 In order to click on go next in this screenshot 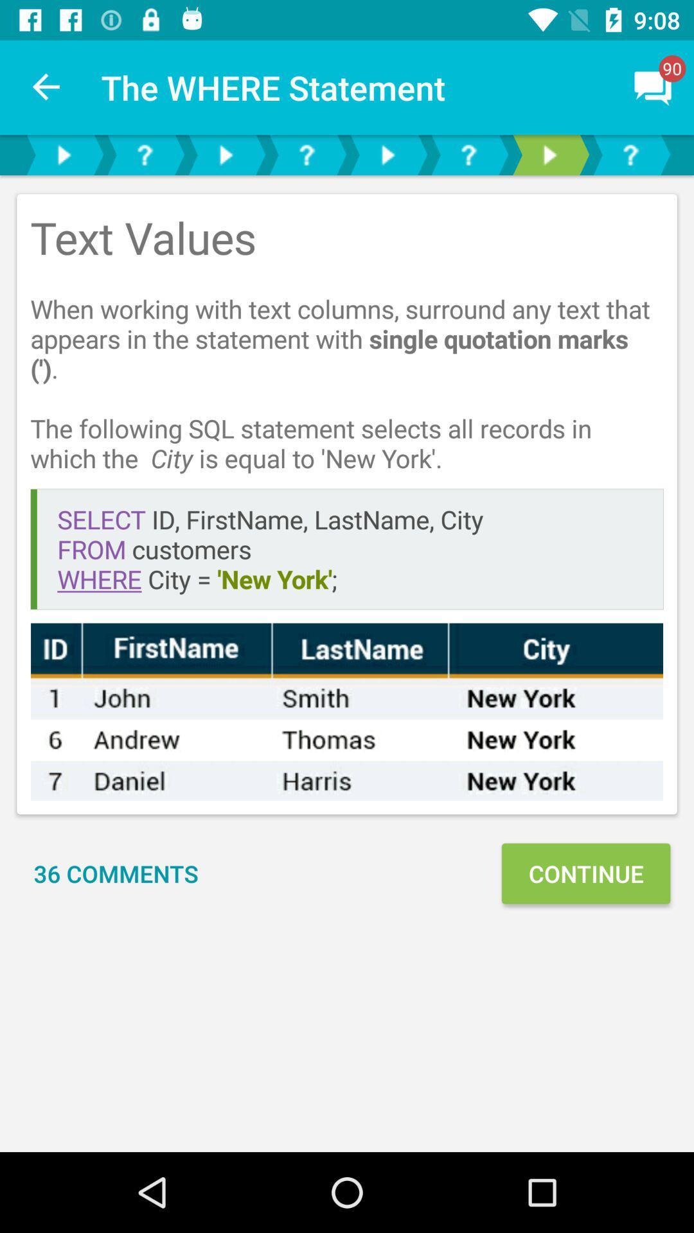, I will do `click(225, 154)`.